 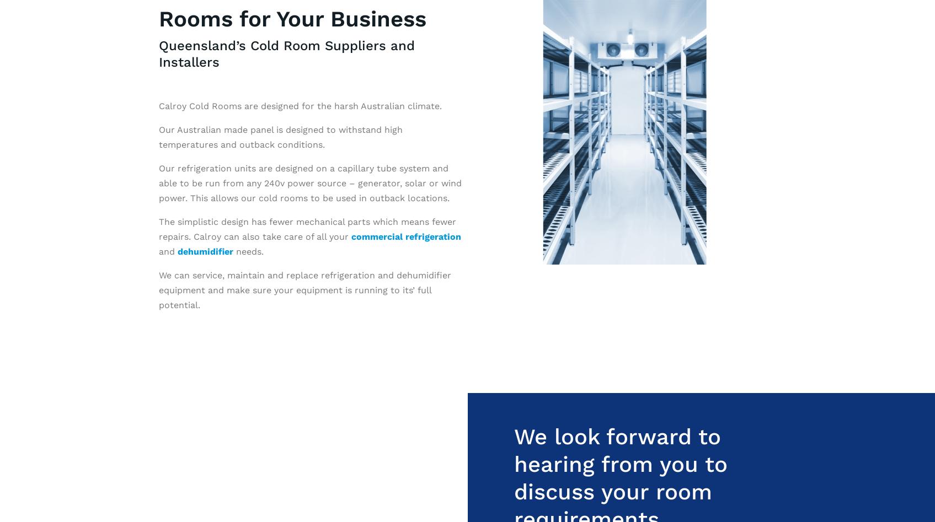 I want to click on 'dehumidifier', so click(x=177, y=251).